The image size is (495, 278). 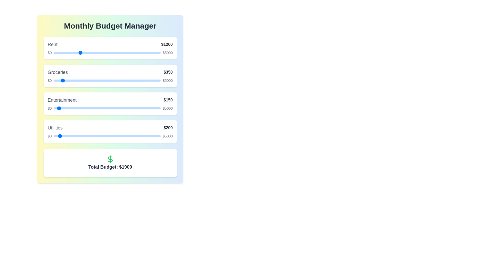 What do you see at coordinates (49, 136) in the screenshot?
I see `the text label displaying '$0' located to the left of the slider bar under the 'Utilities' section` at bounding box center [49, 136].